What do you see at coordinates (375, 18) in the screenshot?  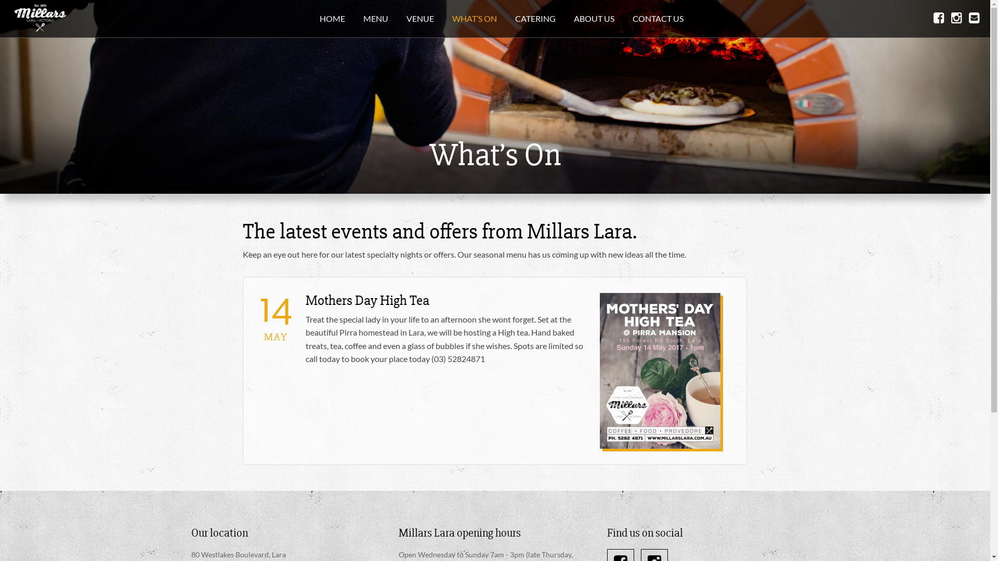 I see `'MENU'` at bounding box center [375, 18].